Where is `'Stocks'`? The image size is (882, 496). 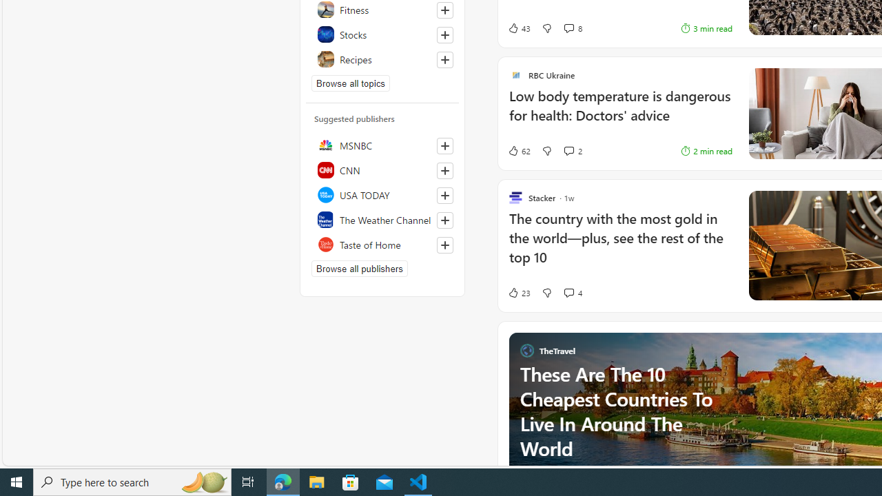
'Stocks' is located at coordinates (382, 34).